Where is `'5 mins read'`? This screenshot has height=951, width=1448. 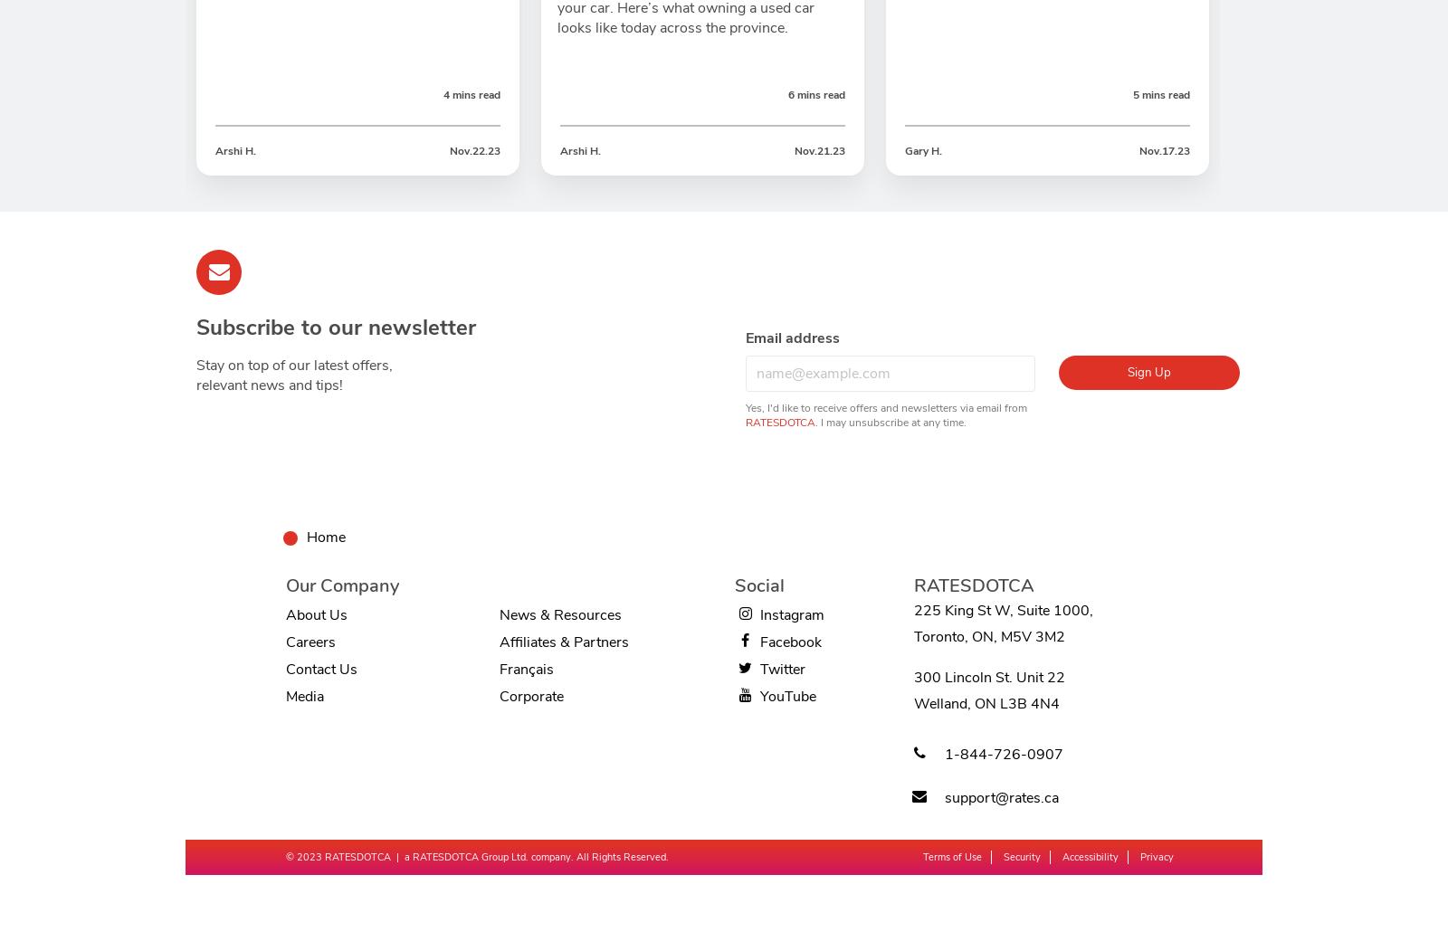
'5 mins read' is located at coordinates (1160, 94).